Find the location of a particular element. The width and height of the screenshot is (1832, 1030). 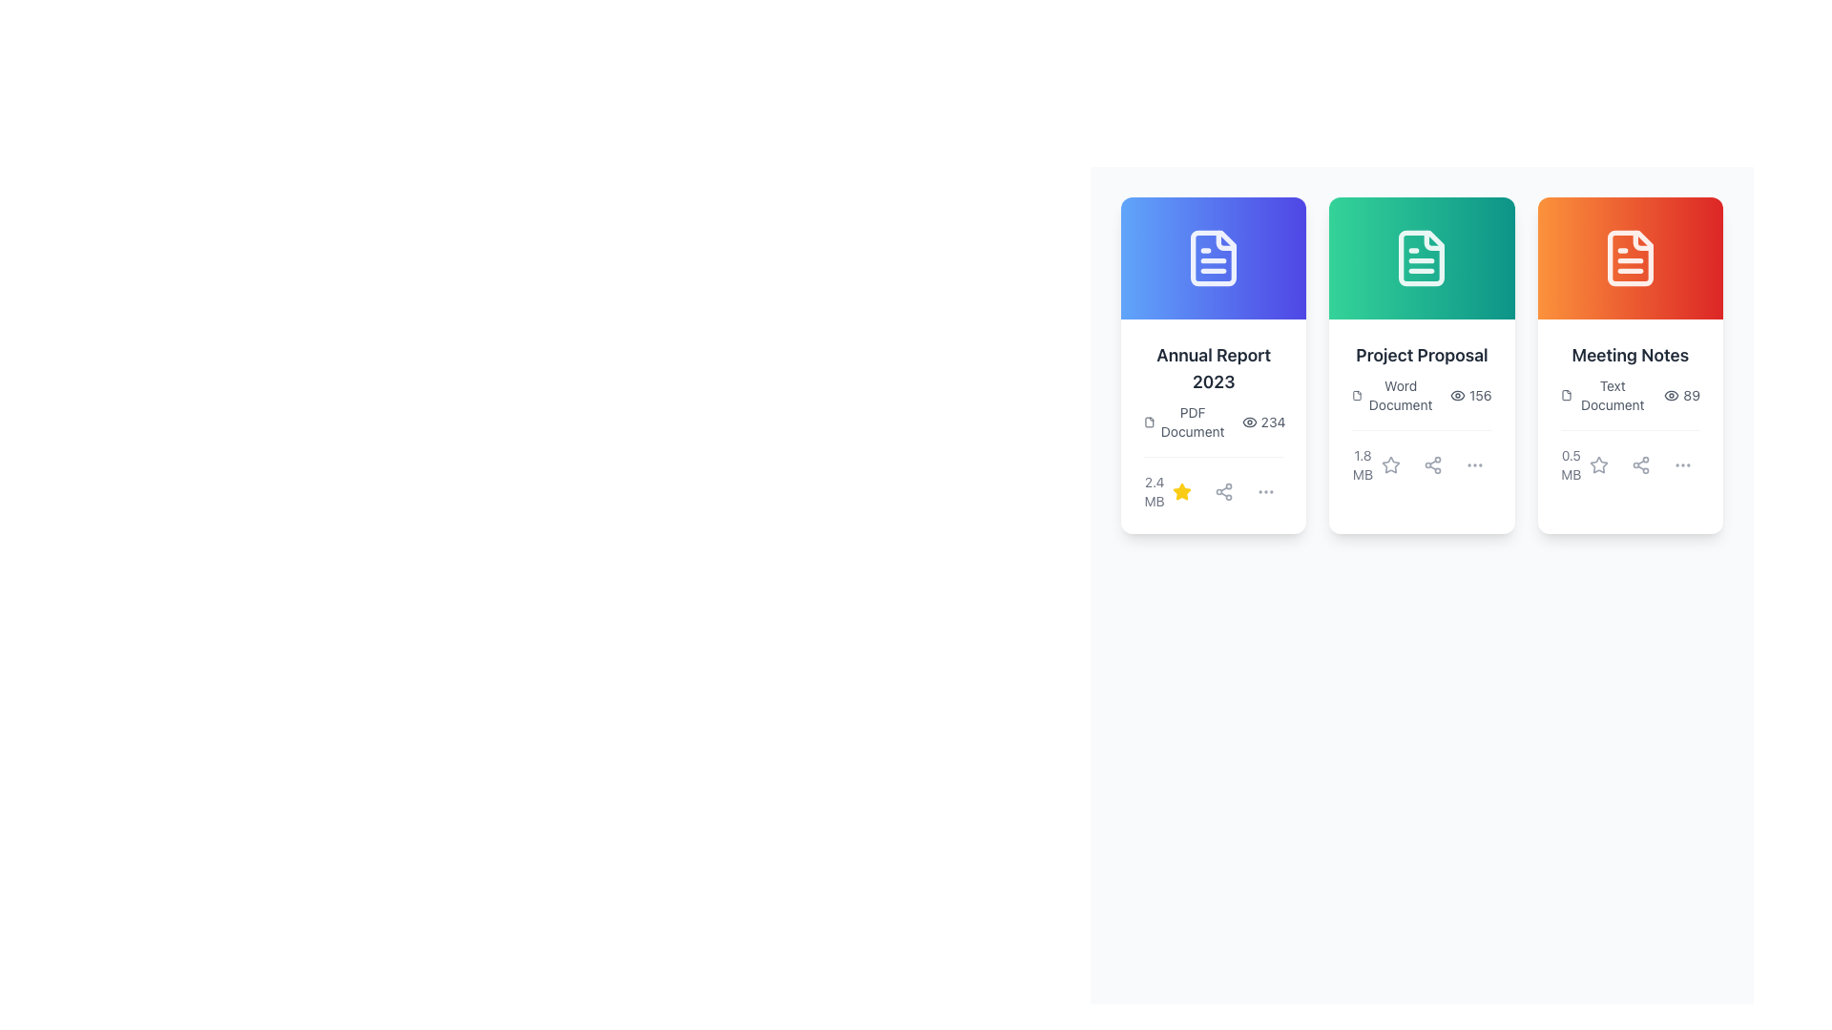

the small gray share icon located inside the circular button in the bottom-right region of the second card labeled 'Project Proposal' is located at coordinates (1432, 465).